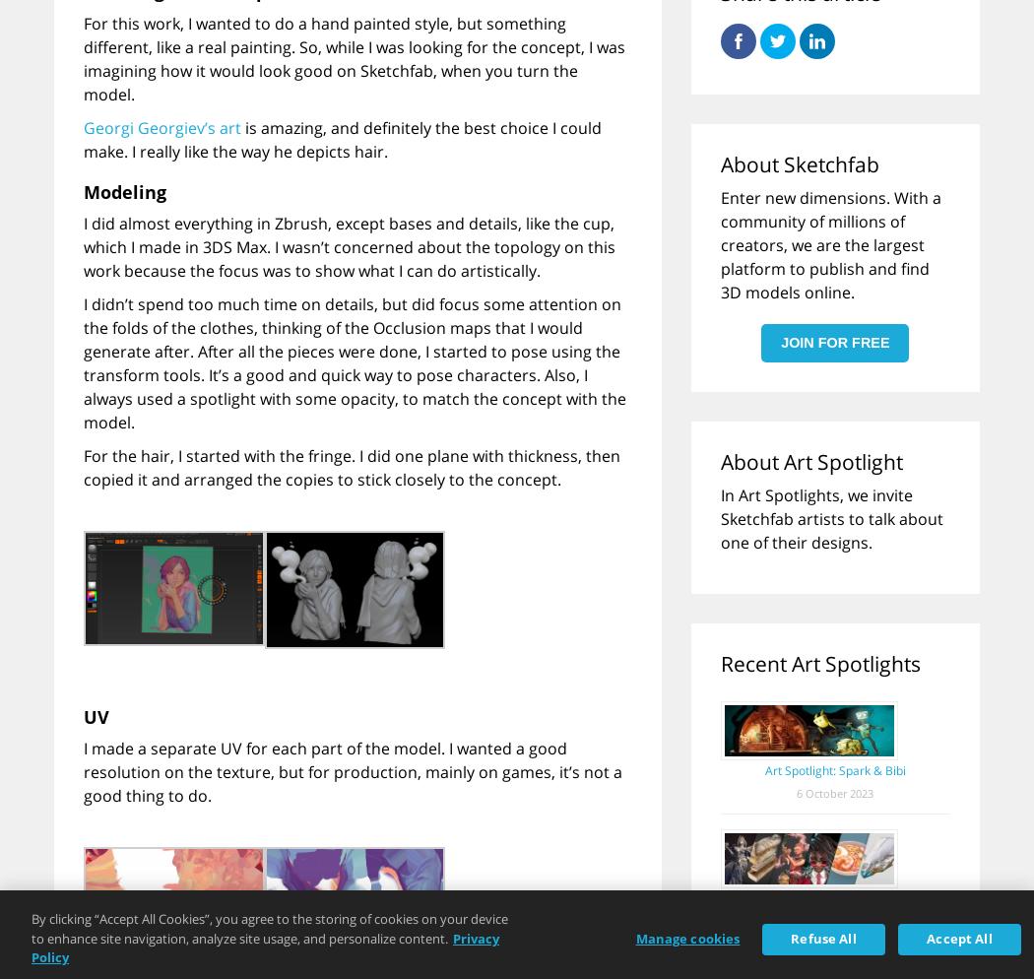 This screenshot has height=979, width=1034. I want to click on 'is amazing, and definitely the best choice I could make. I really like the way he depicts hair.', so click(84, 138).